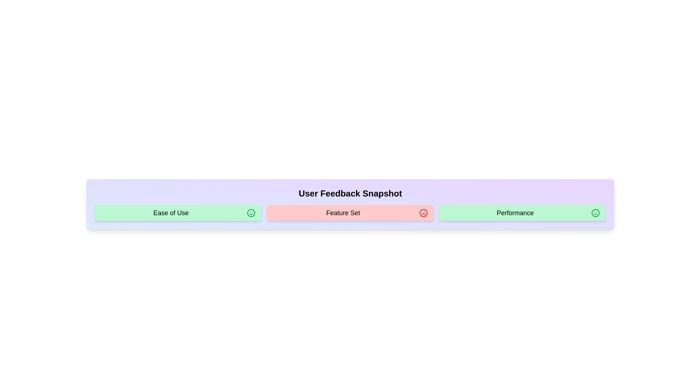 This screenshot has height=388, width=691. Describe the element at coordinates (522, 213) in the screenshot. I see `the text of the feedback item labeled Performance` at that location.